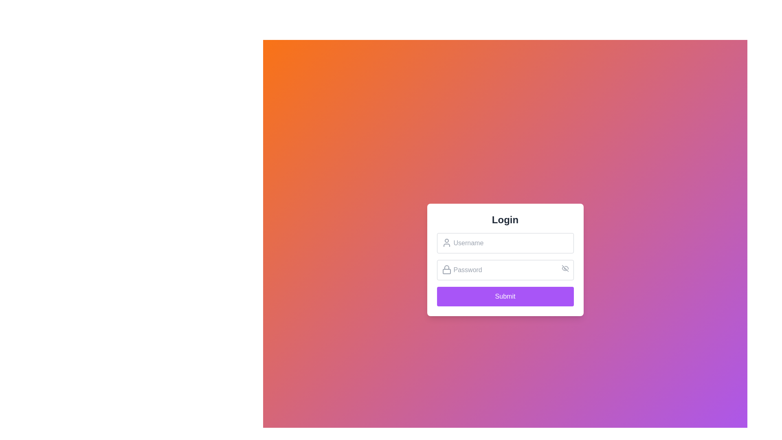  Describe the element at coordinates (446, 242) in the screenshot. I see `the SVG user icon, which is styled in gray with rounded edges, located to the left of the 'Username' input field in the login form` at that location.